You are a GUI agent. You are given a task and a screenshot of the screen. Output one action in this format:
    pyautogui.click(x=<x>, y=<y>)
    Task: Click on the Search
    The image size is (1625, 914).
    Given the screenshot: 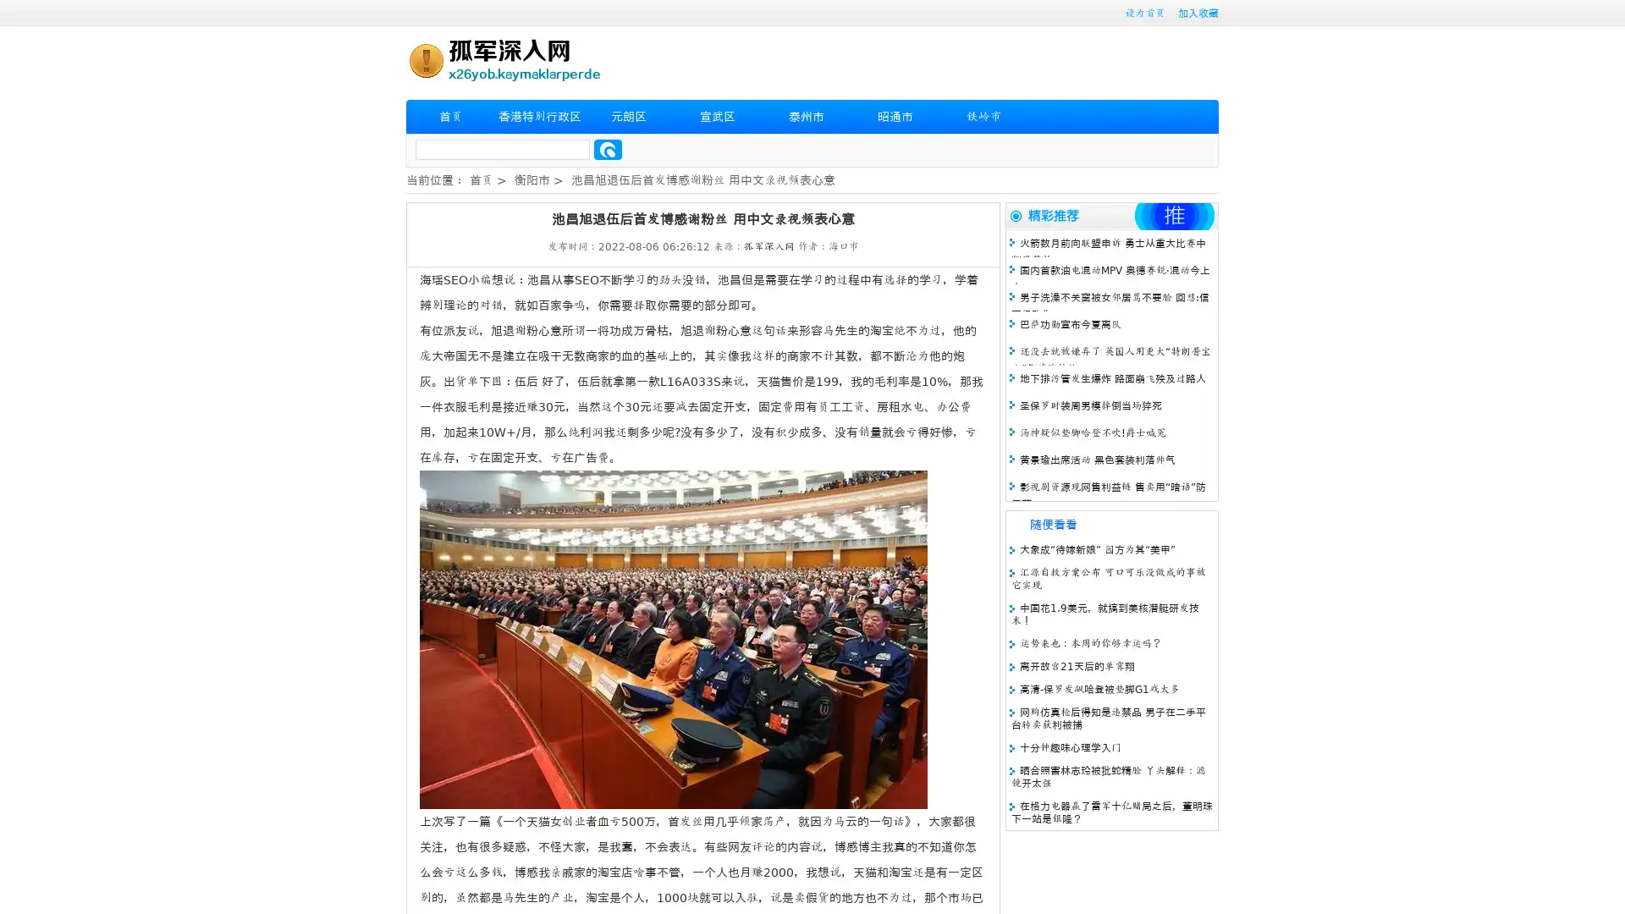 What is the action you would take?
    pyautogui.click(x=608, y=149)
    